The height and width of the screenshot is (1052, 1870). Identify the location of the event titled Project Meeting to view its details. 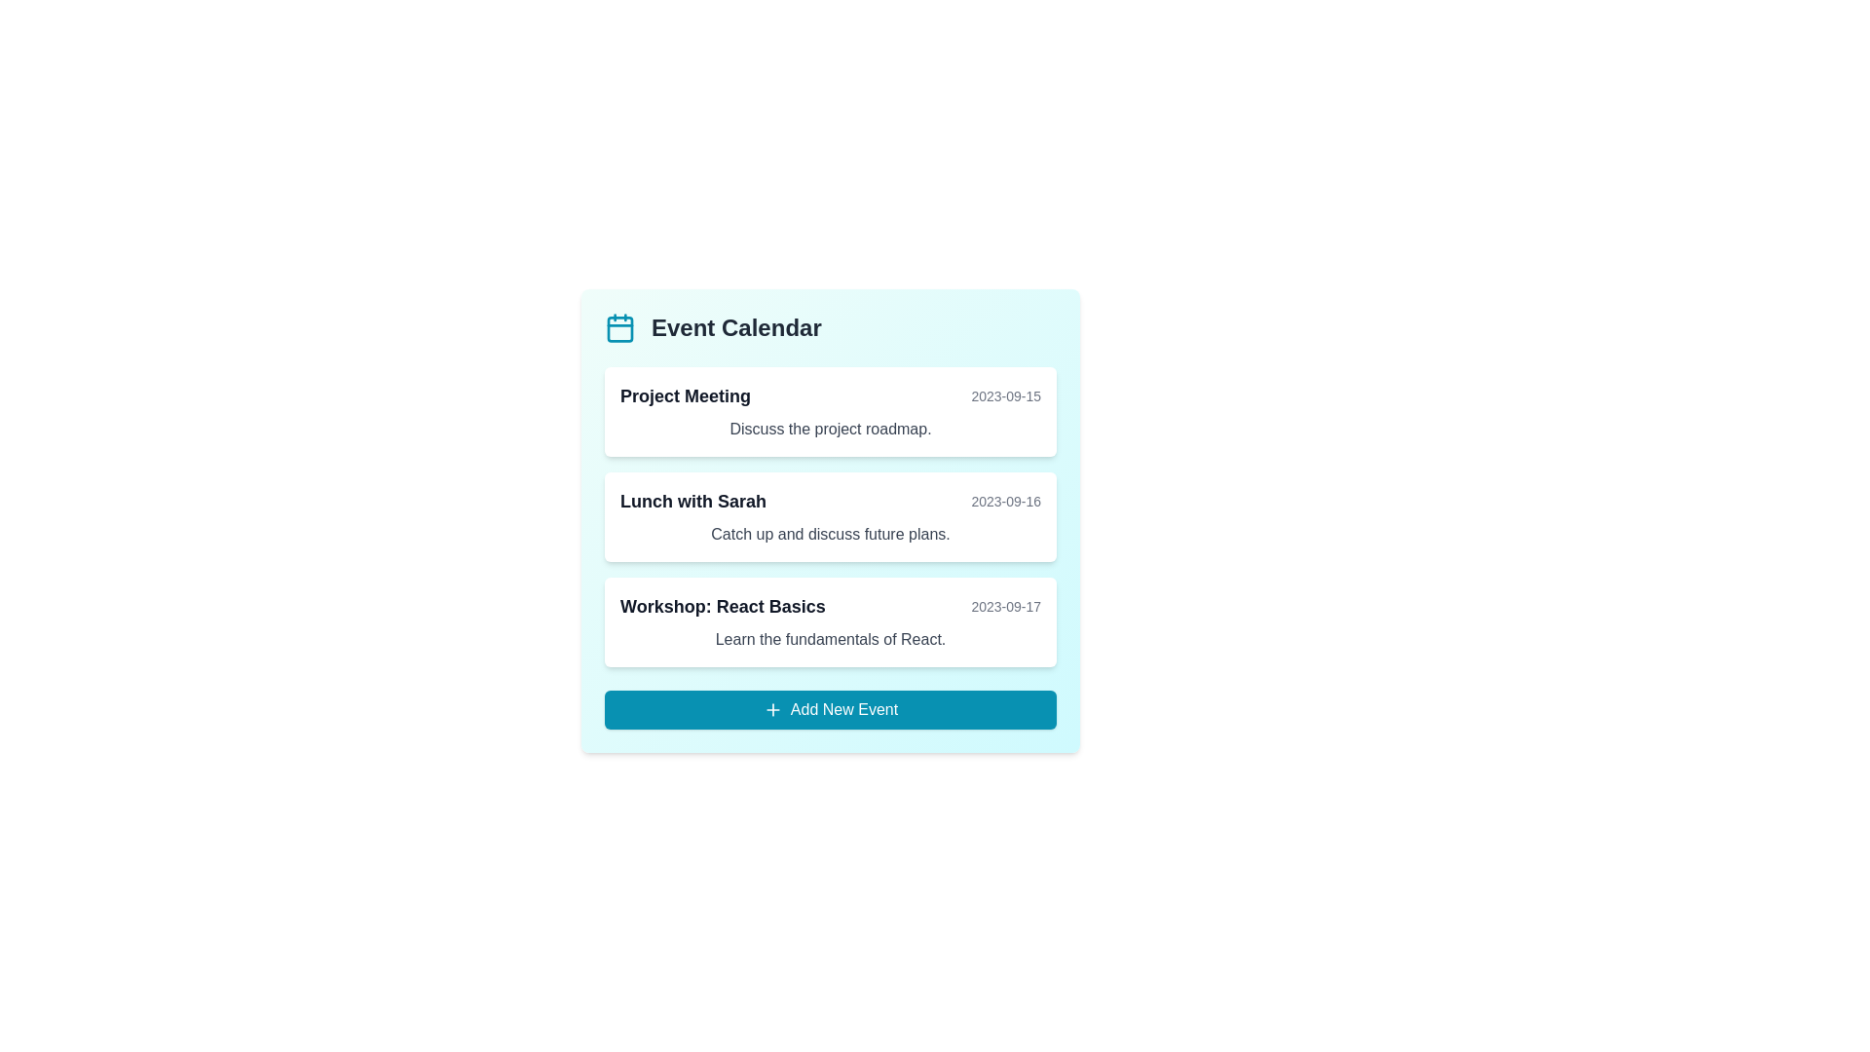
(831, 411).